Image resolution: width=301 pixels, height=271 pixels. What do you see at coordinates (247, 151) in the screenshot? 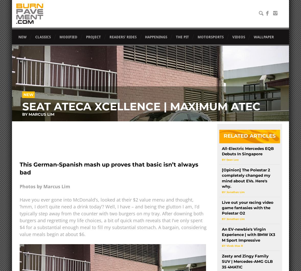
I see `'All-Electric Mercedes EQB Debuts In Singapore'` at bounding box center [247, 151].